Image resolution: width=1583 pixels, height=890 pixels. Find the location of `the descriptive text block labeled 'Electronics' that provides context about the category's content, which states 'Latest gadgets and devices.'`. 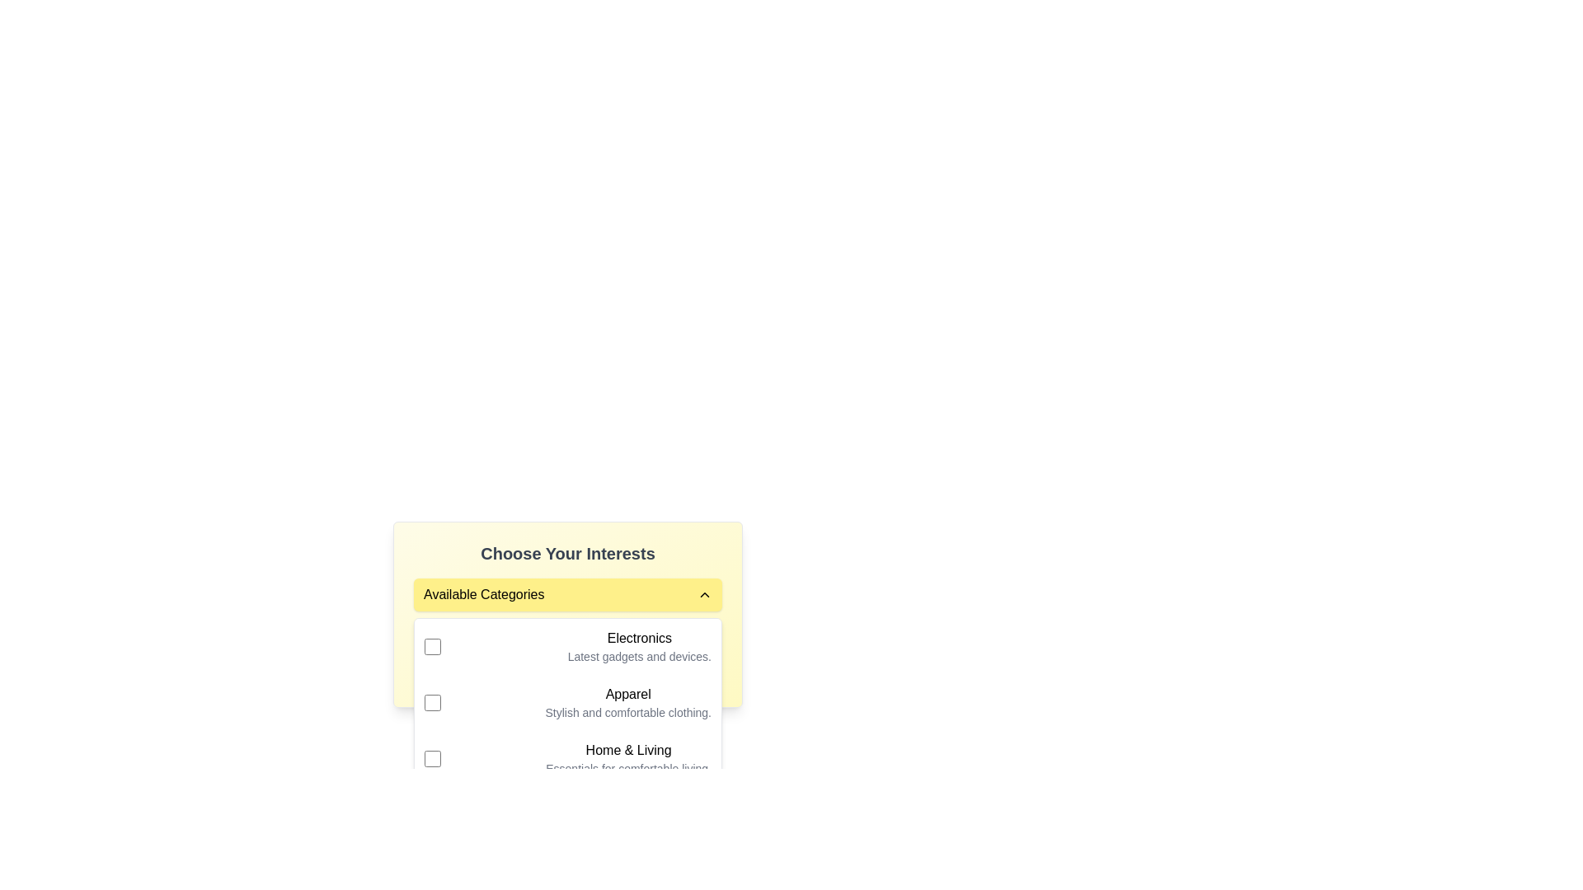

the descriptive text block labeled 'Electronics' that provides context about the category's content, which states 'Latest gadgets and devices.' is located at coordinates (638, 646).